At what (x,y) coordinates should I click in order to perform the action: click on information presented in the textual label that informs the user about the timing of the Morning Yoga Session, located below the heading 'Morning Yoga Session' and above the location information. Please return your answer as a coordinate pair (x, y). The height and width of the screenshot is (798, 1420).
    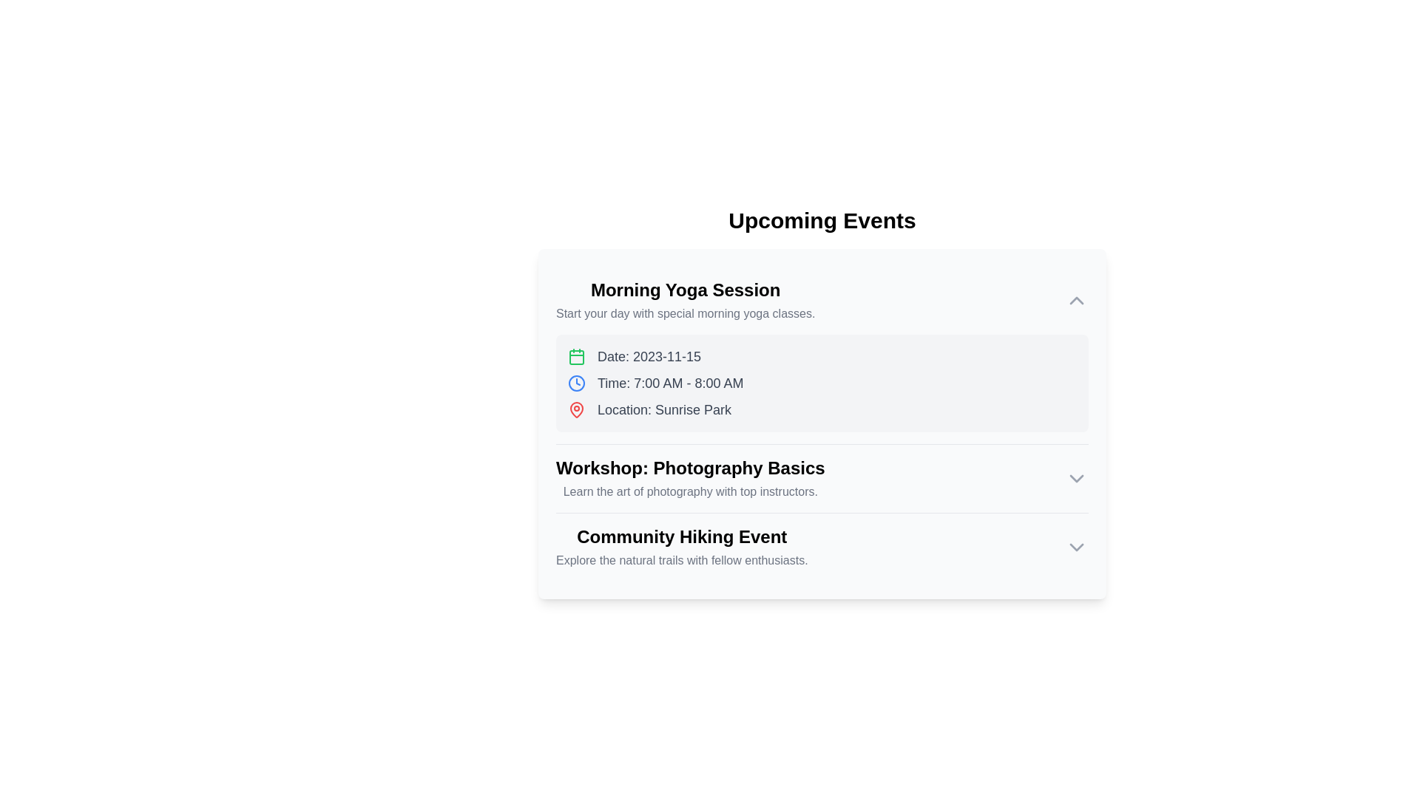
    Looking at the image, I should click on (669, 383).